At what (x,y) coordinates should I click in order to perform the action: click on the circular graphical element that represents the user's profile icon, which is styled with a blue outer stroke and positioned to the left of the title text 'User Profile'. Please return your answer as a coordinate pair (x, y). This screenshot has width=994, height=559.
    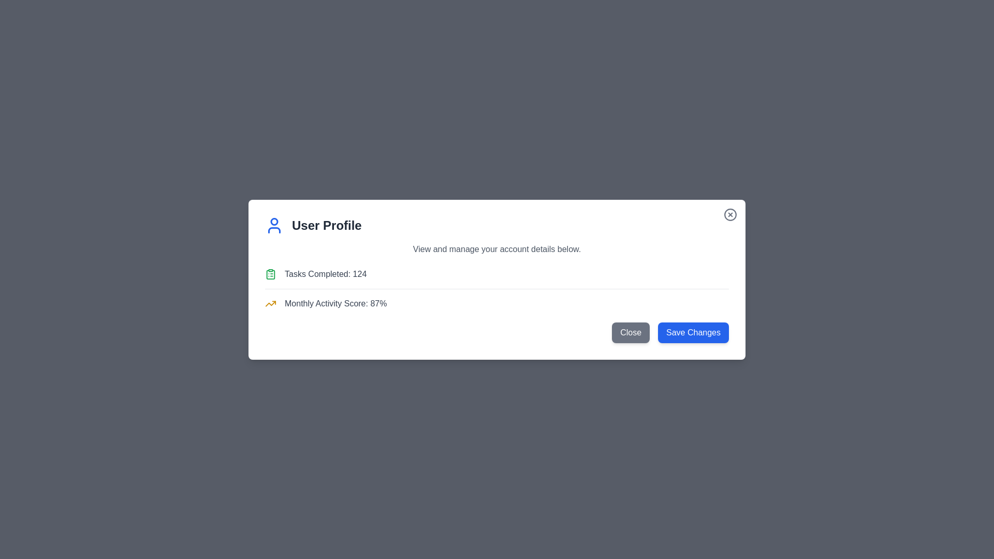
    Looking at the image, I should click on (274, 221).